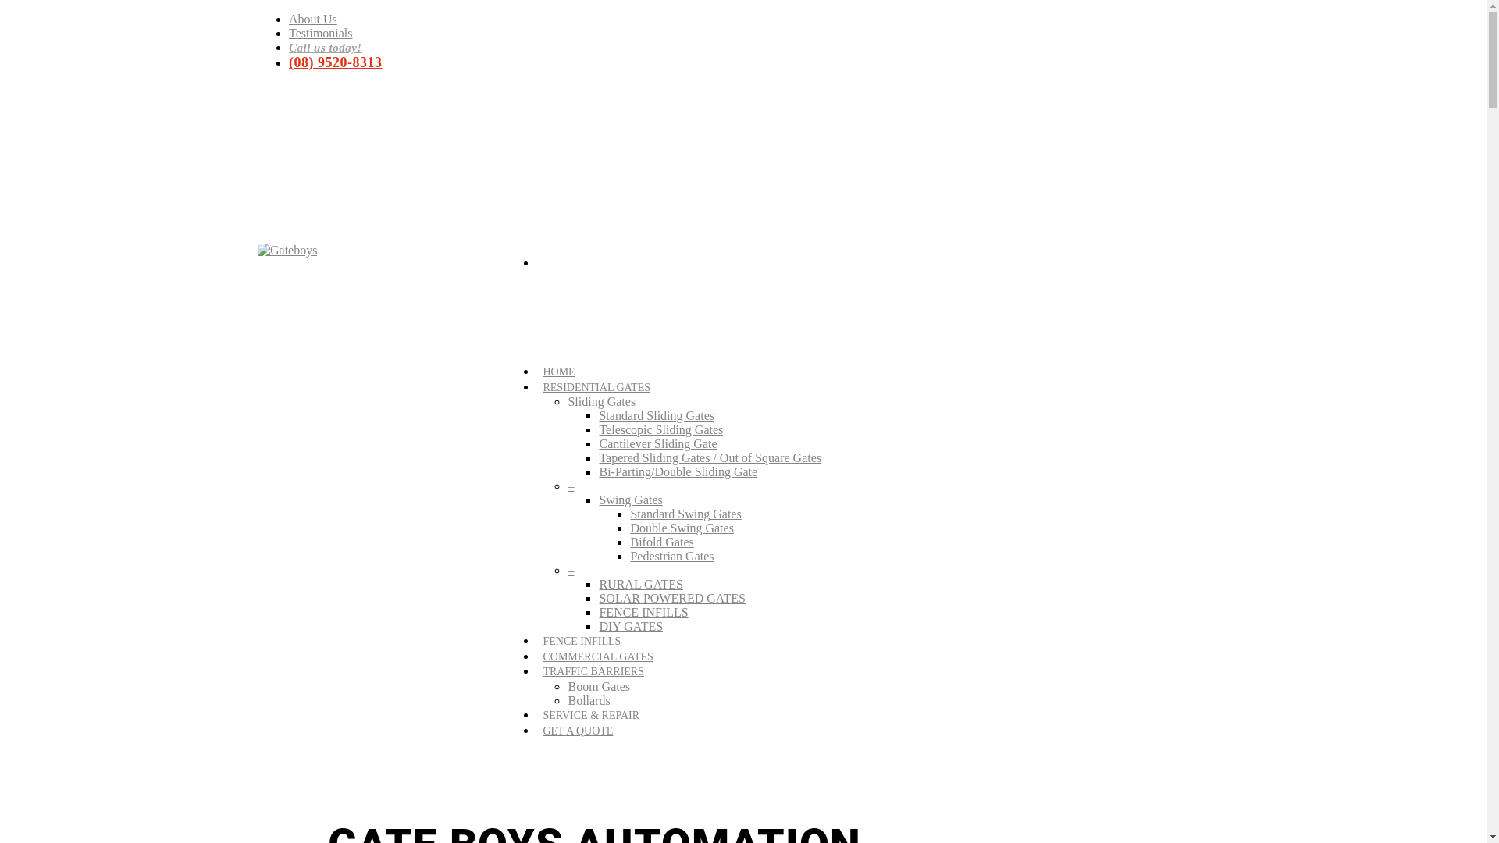 The height and width of the screenshot is (843, 1499). What do you see at coordinates (661, 541) in the screenshot?
I see `'Bifold Gates'` at bounding box center [661, 541].